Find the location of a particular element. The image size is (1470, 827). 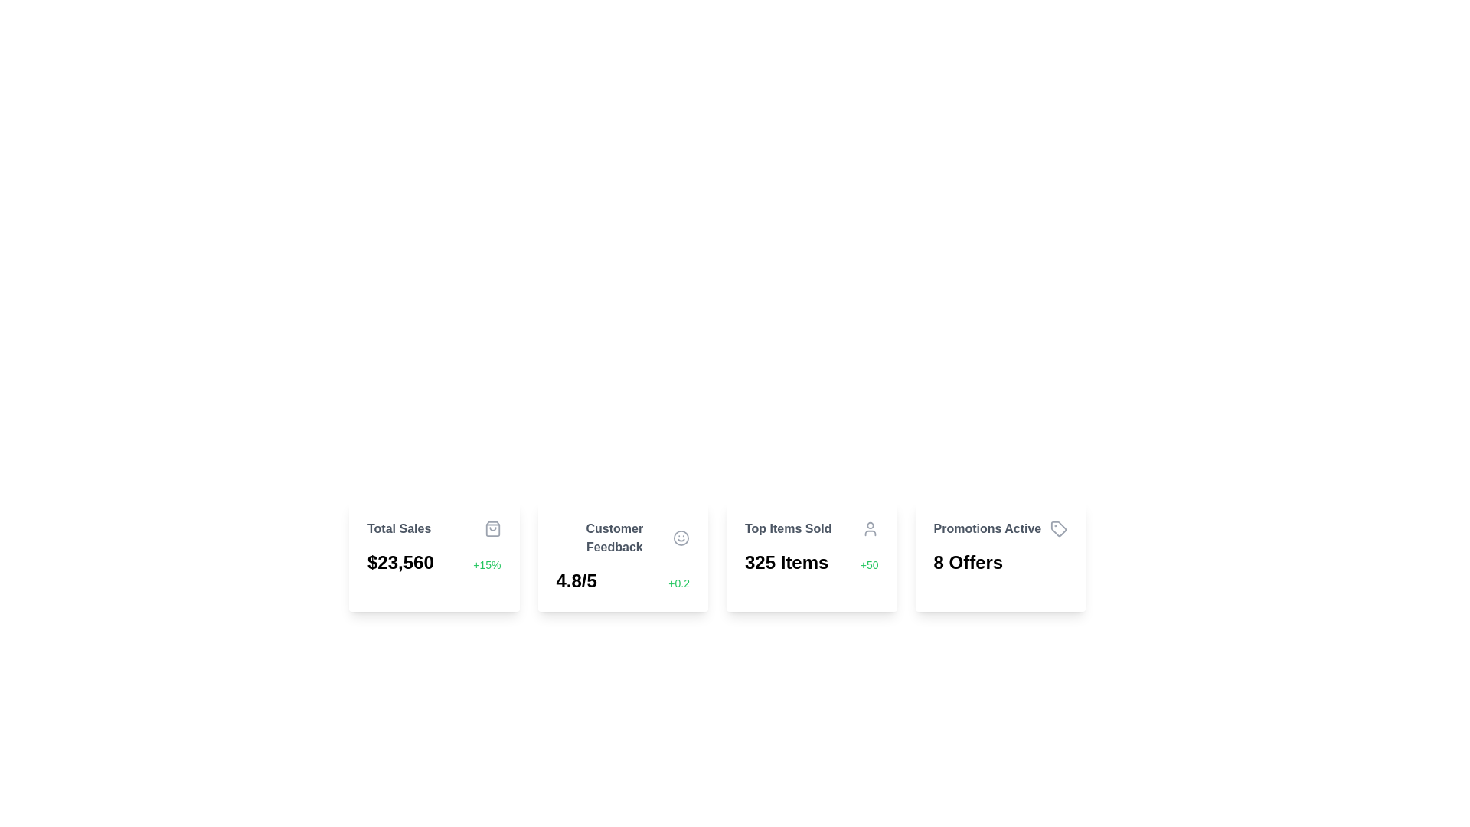

text displayed in the bold and large font label that shows '325 Items', located below the title 'Top Items Sold' and to the left of the green text '+50' is located at coordinates (786, 563).